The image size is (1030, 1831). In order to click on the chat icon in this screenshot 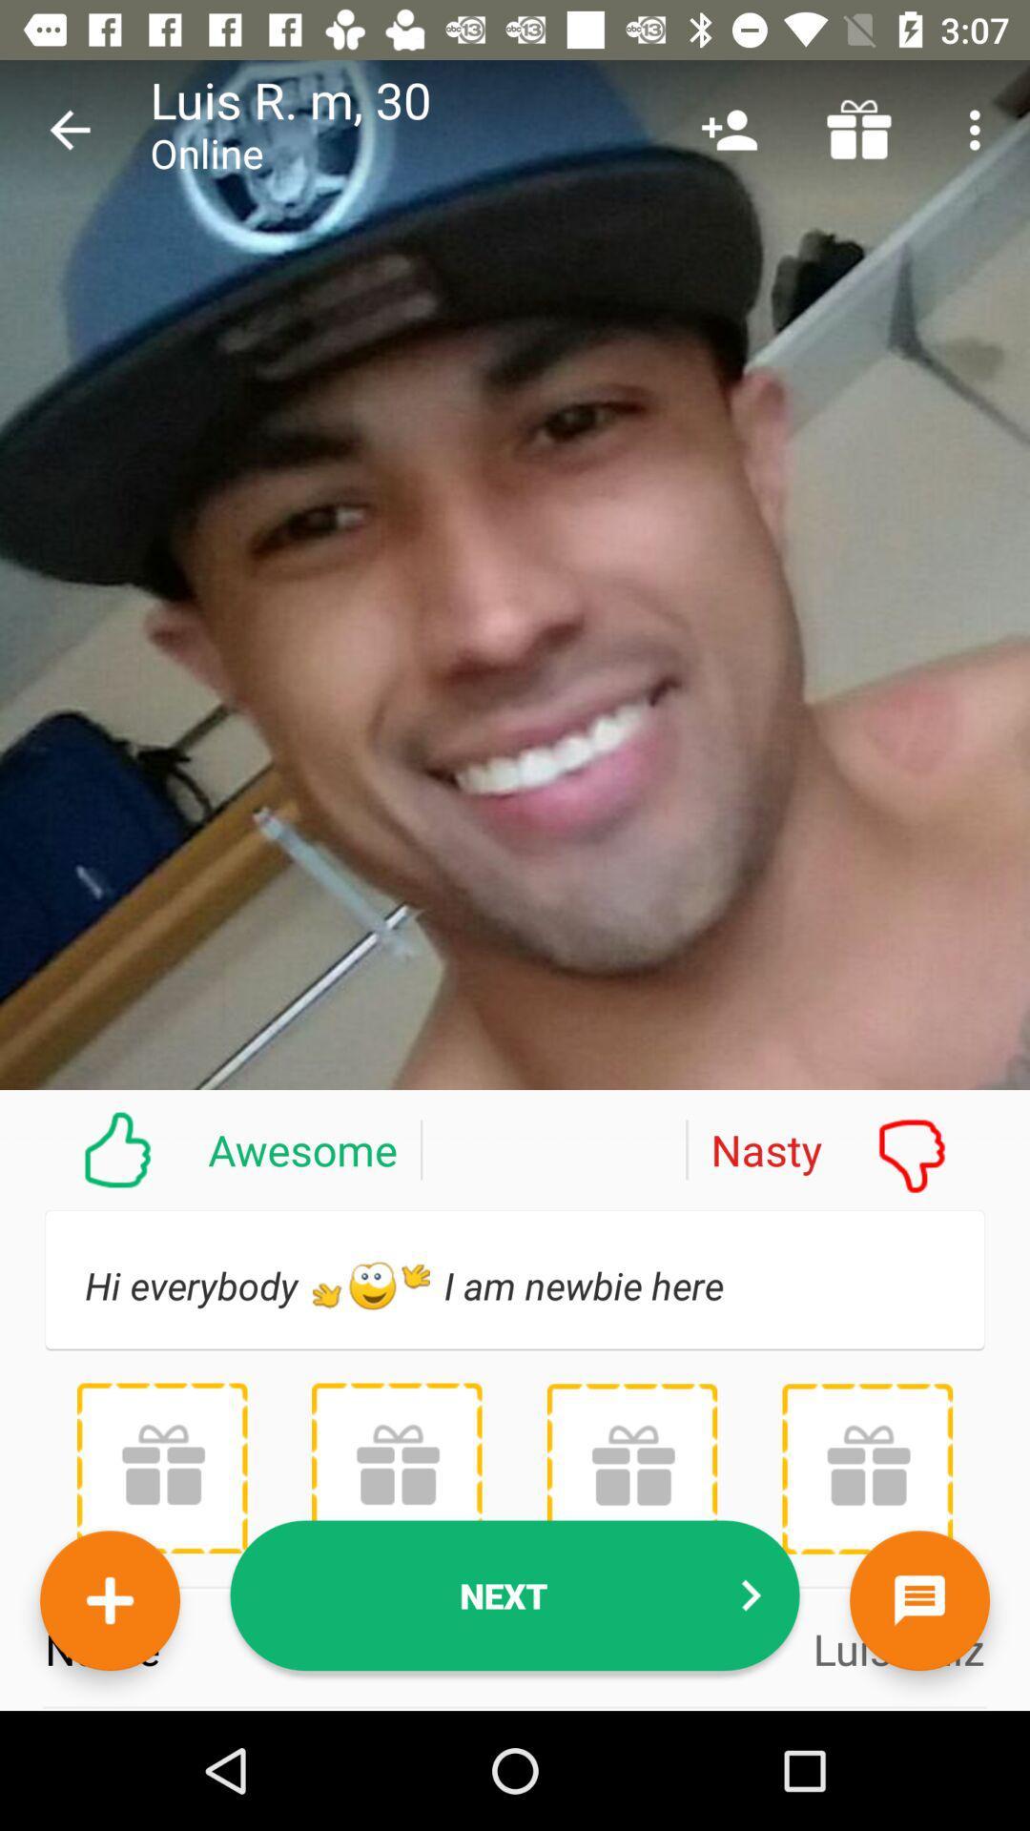, I will do `click(918, 1600)`.